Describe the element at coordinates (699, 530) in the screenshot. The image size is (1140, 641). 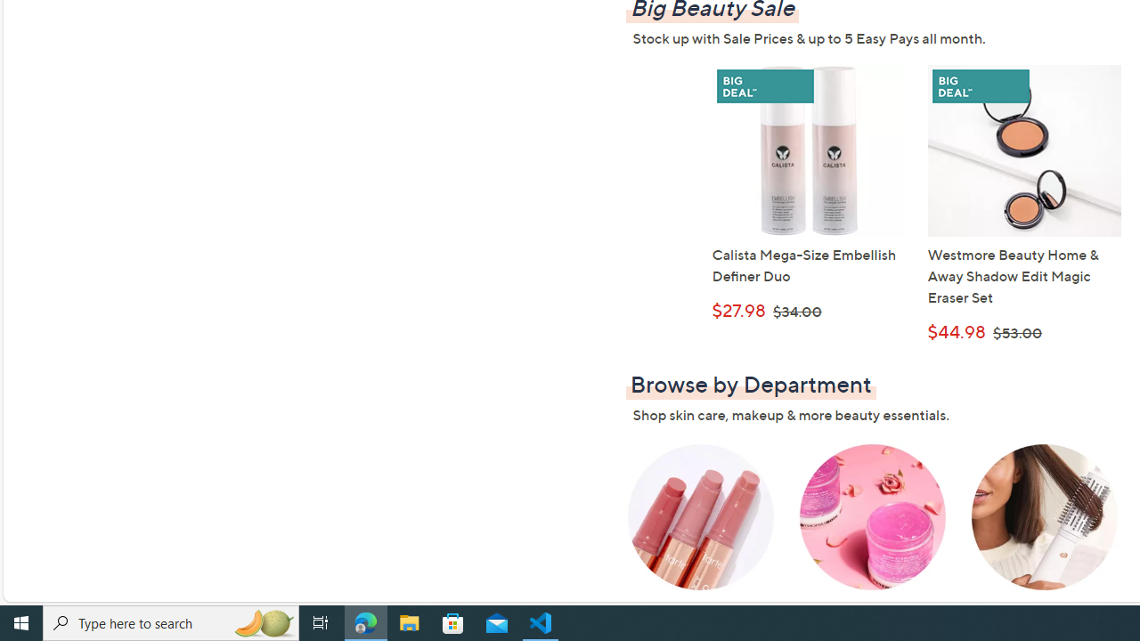
I see `'Makeup'` at that location.